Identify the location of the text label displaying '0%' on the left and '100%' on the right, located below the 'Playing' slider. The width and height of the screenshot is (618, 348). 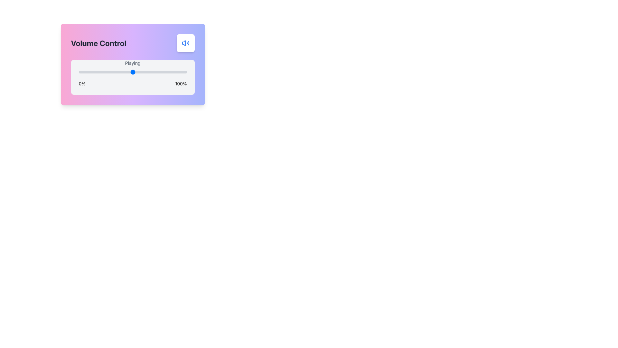
(132, 83).